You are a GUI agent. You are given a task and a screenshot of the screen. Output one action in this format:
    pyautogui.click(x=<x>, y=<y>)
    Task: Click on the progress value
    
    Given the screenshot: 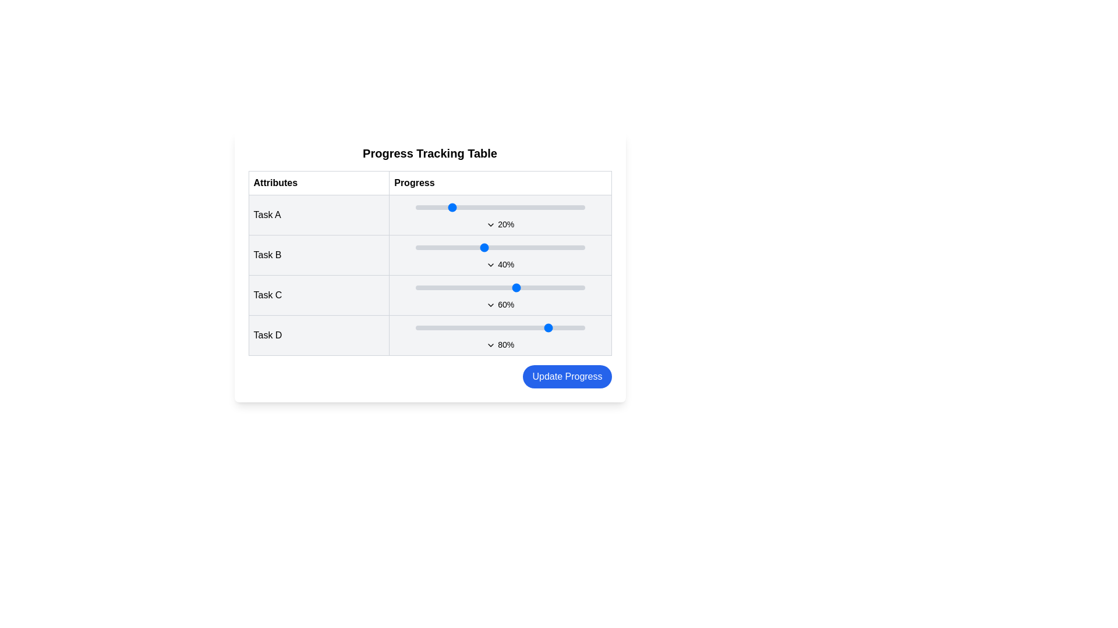 What is the action you would take?
    pyautogui.click(x=580, y=207)
    